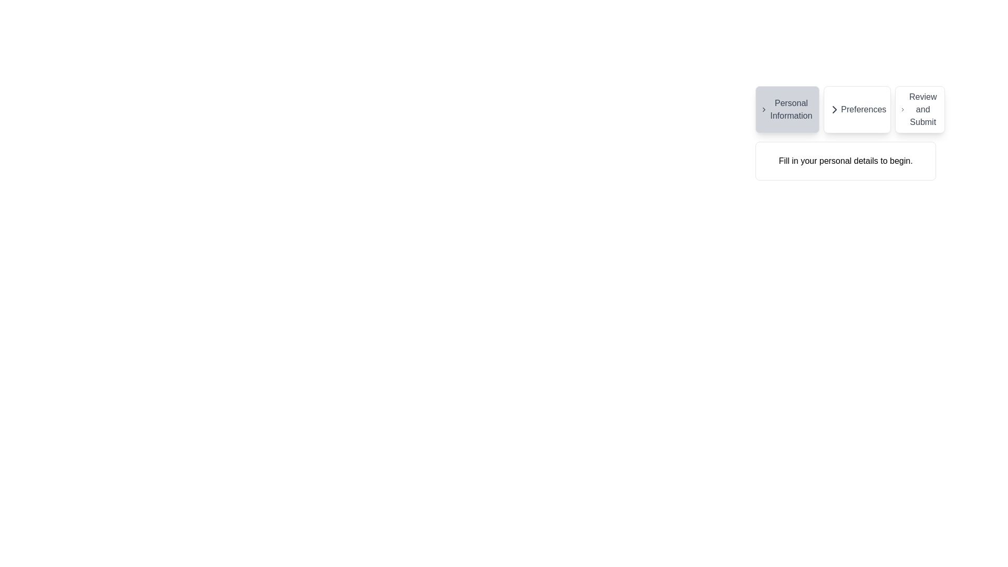 This screenshot has height=567, width=1008. I want to click on the step button labeled 'Review and Submit' to navigate to that step, so click(919, 109).